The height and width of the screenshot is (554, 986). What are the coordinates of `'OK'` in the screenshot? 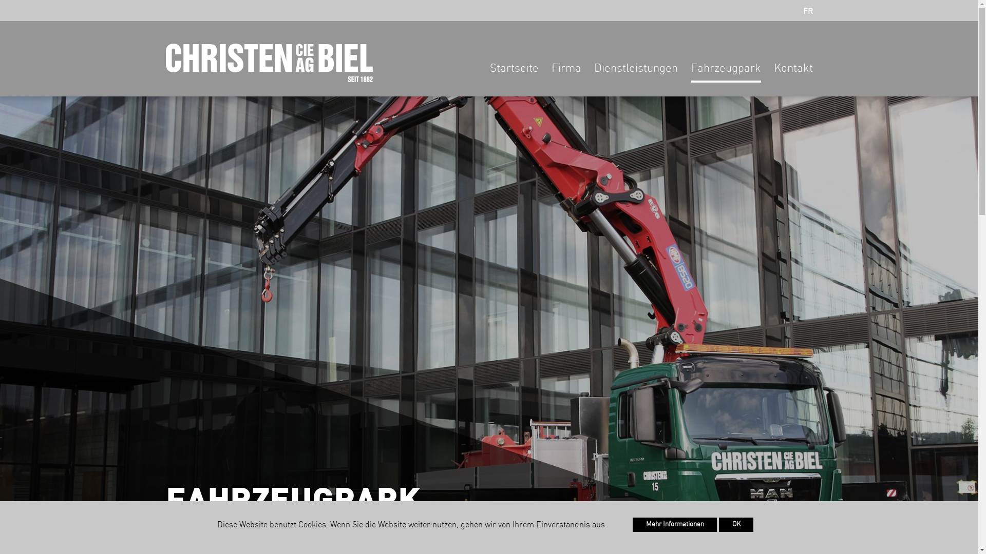 It's located at (735, 524).